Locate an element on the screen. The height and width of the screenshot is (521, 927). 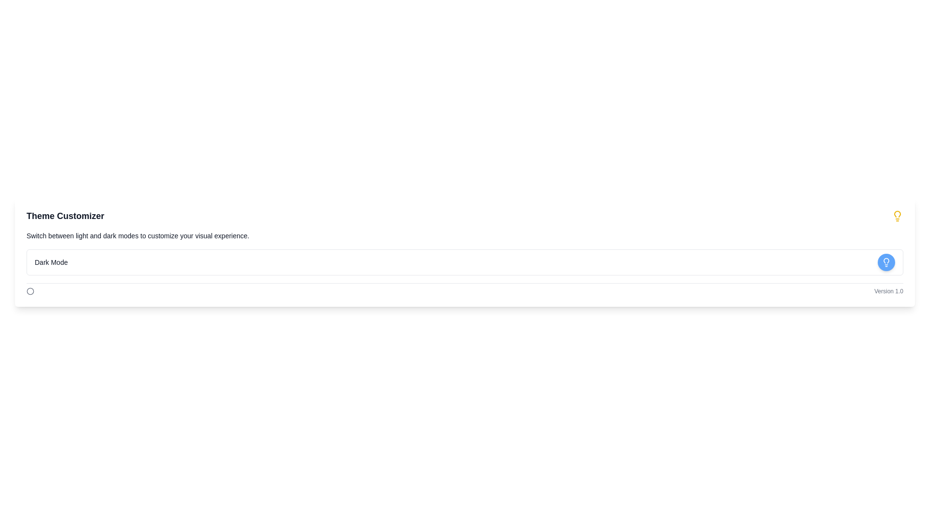
the circular Graphical Icon located within the lower section of the interface, below the 'Dark Mode' toggle button is located at coordinates (30, 290).